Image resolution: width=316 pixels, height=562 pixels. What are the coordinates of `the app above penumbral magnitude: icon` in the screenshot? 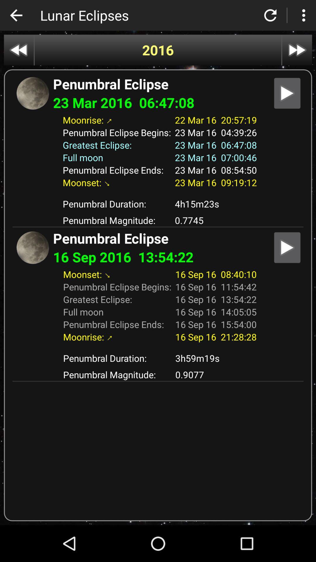 It's located at (216, 204).